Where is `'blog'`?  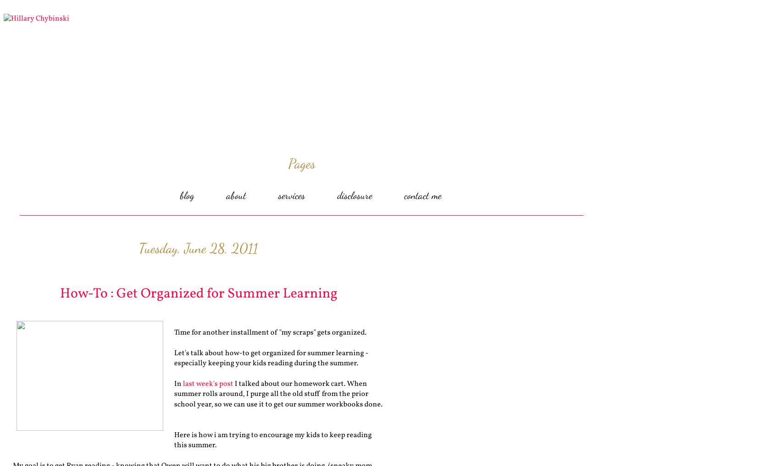 'blog' is located at coordinates (186, 195).